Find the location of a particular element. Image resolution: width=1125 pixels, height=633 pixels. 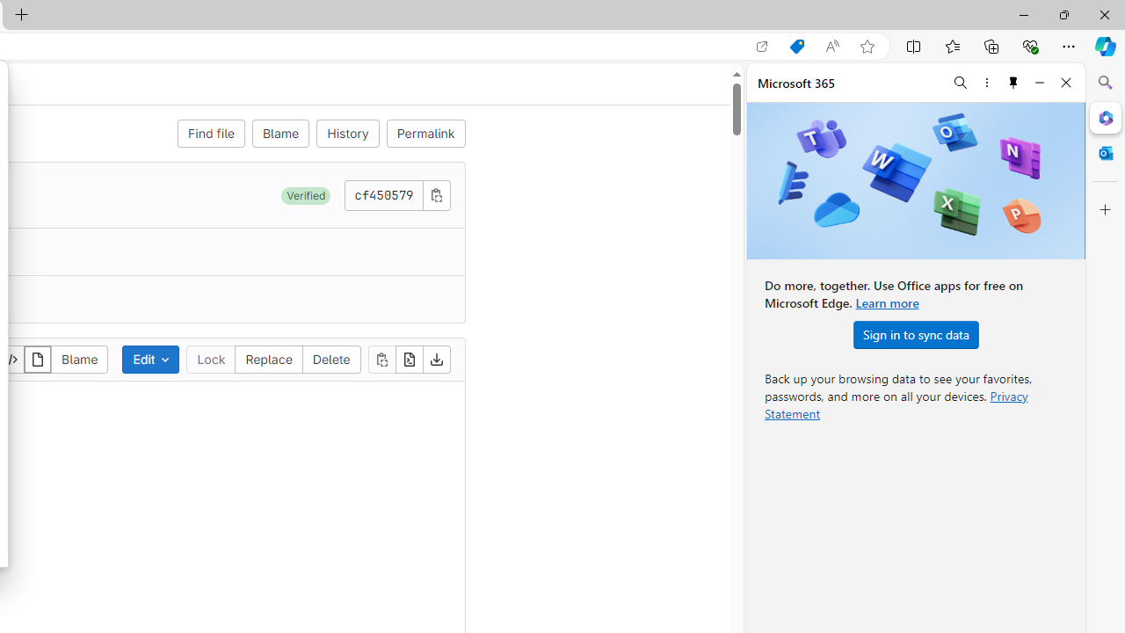

'Blame' is located at coordinates (279, 132).